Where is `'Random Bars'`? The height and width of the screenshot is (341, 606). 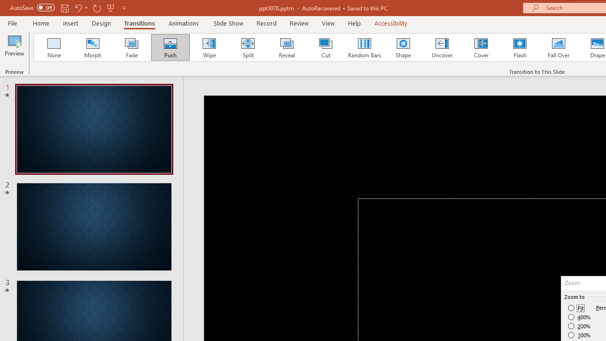 'Random Bars' is located at coordinates (364, 47).